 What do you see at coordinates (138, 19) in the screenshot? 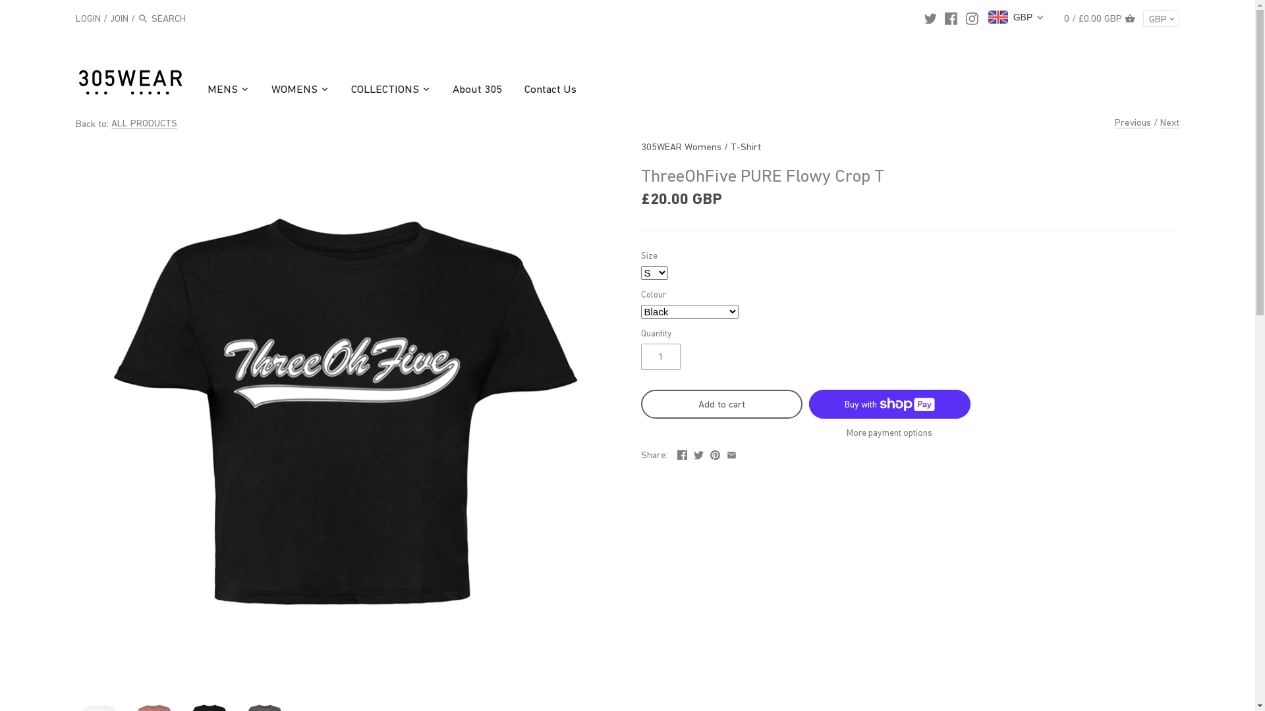
I see `'Search'` at bounding box center [138, 19].